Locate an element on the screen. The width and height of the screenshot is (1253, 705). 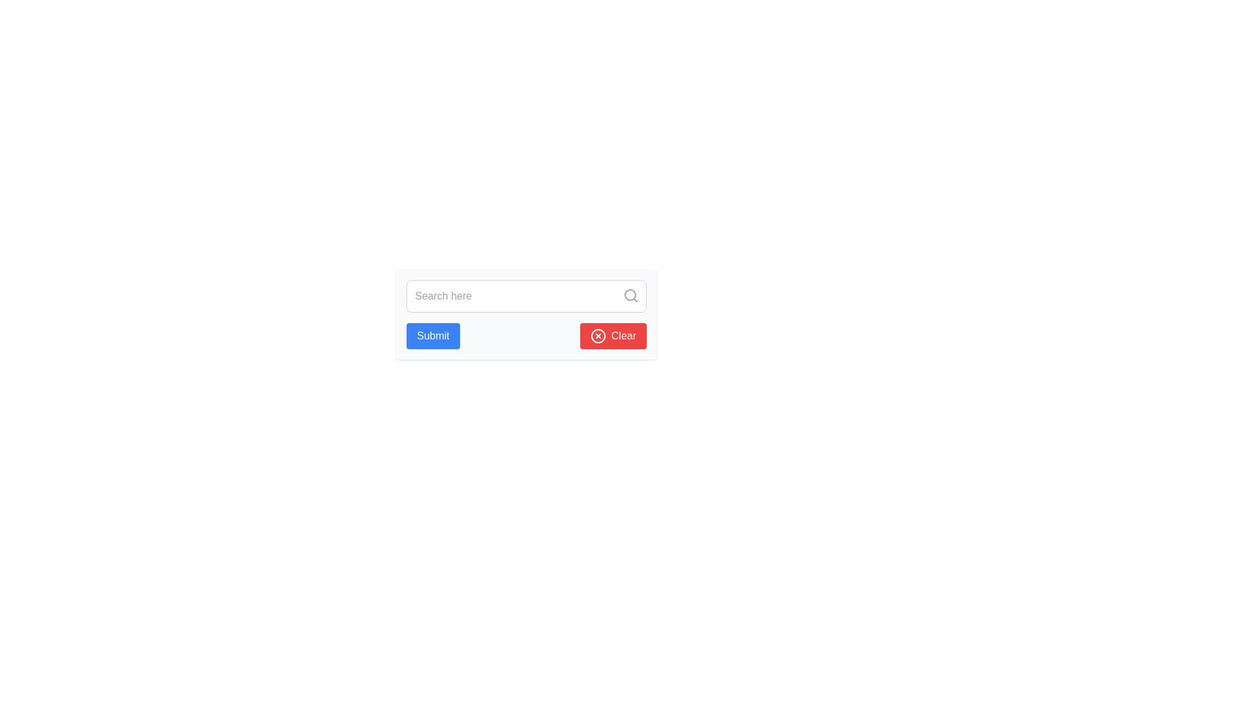
the 'Clear' button, which is a rectangular button with a red background and white text, located at the bottom-right corner of the interface layout is located at coordinates (612, 336).